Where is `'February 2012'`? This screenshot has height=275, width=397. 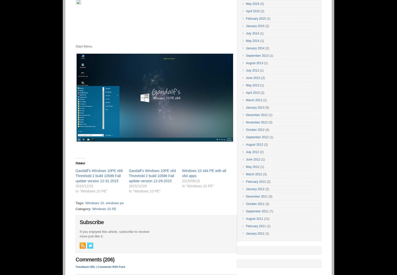
'February 2012' is located at coordinates (255, 182).